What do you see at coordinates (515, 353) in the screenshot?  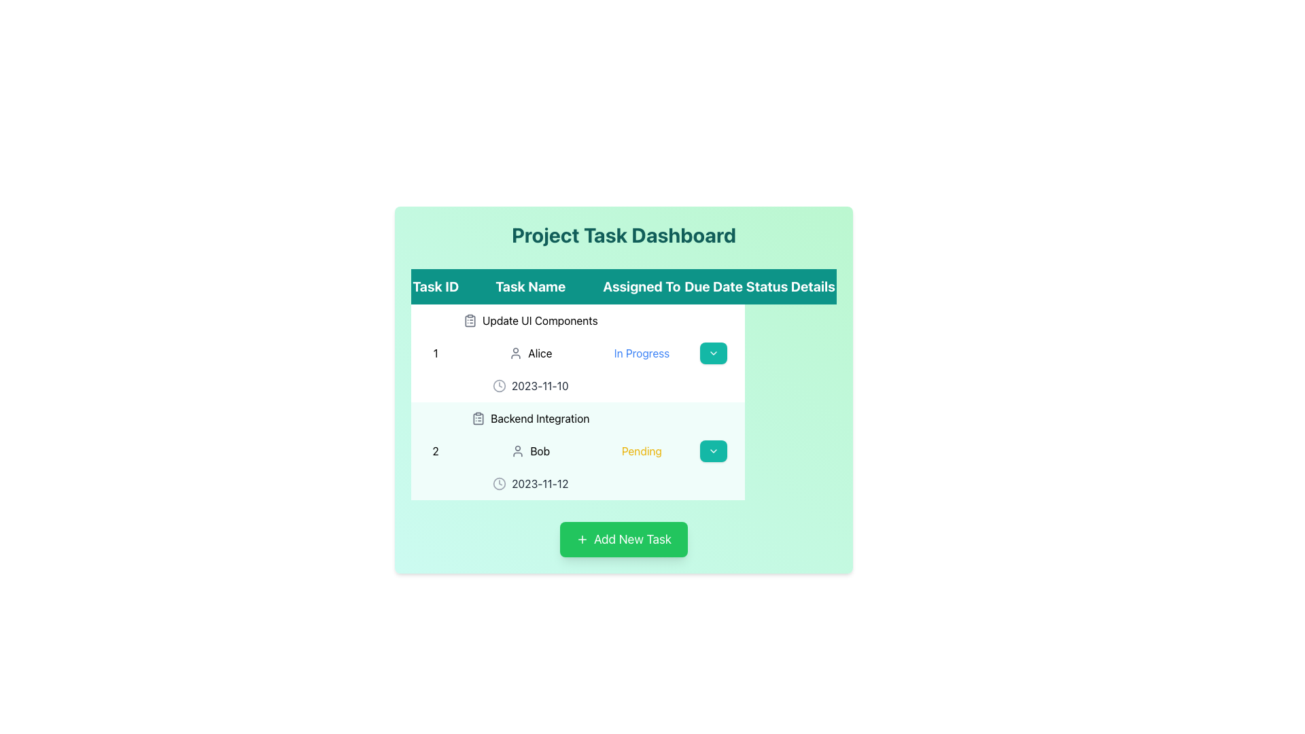 I see `the user icon silhouette representing 'Alice' in the dashboard interface` at bounding box center [515, 353].